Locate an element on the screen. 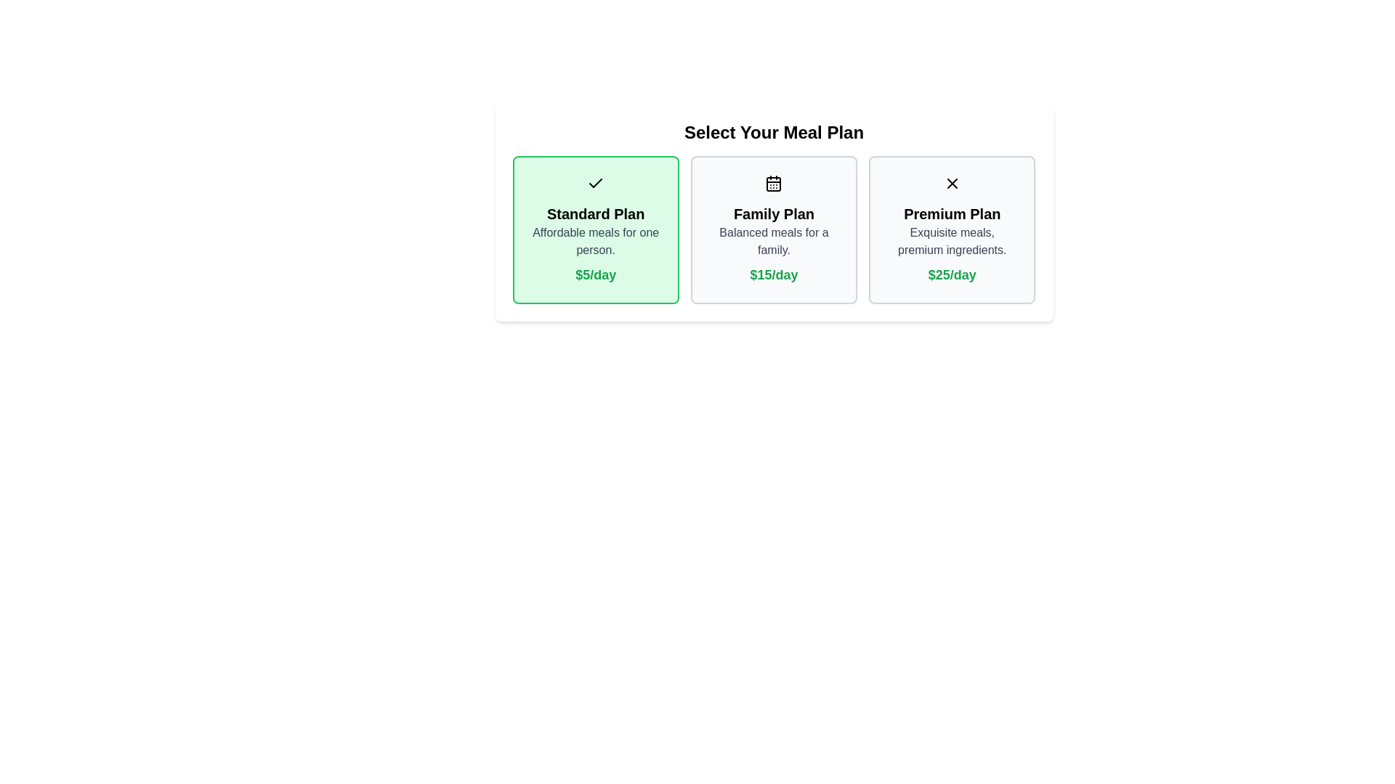 This screenshot has width=1395, height=784. the icon indicating the 'Family Plan' selection within the second selection box labeled 'Family Plan' under the main header 'Select Your Meal Plan' is located at coordinates (773, 183).